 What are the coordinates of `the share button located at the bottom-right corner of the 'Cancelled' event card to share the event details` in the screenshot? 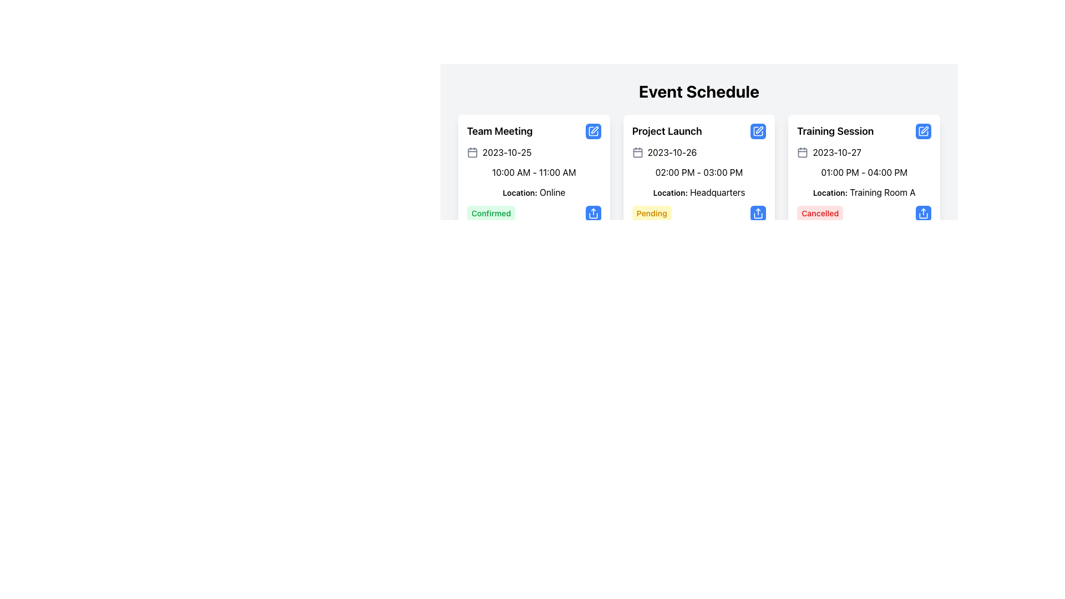 It's located at (924, 214).